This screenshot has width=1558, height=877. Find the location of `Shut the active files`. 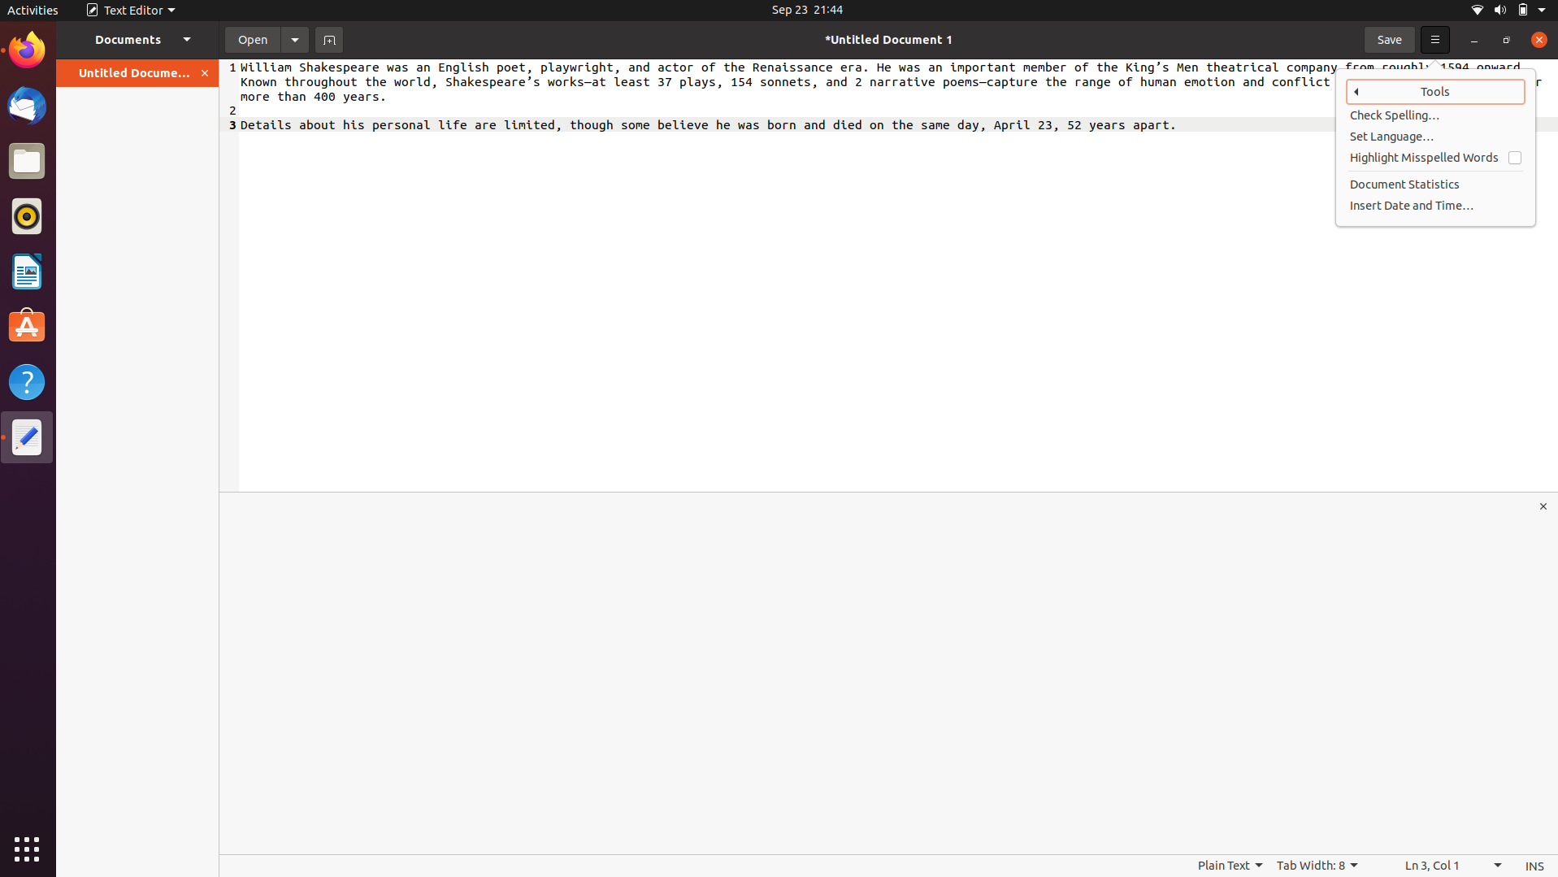

Shut the active files is located at coordinates (205, 72).